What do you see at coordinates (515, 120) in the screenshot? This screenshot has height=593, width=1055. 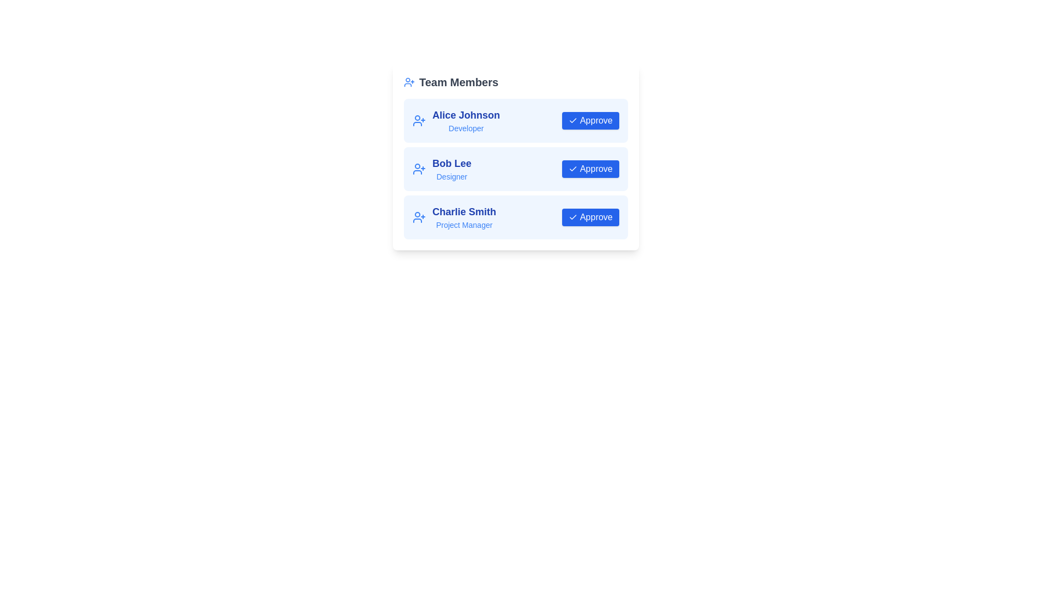 I see `the first team member's card in the 'Team Members' section` at bounding box center [515, 120].